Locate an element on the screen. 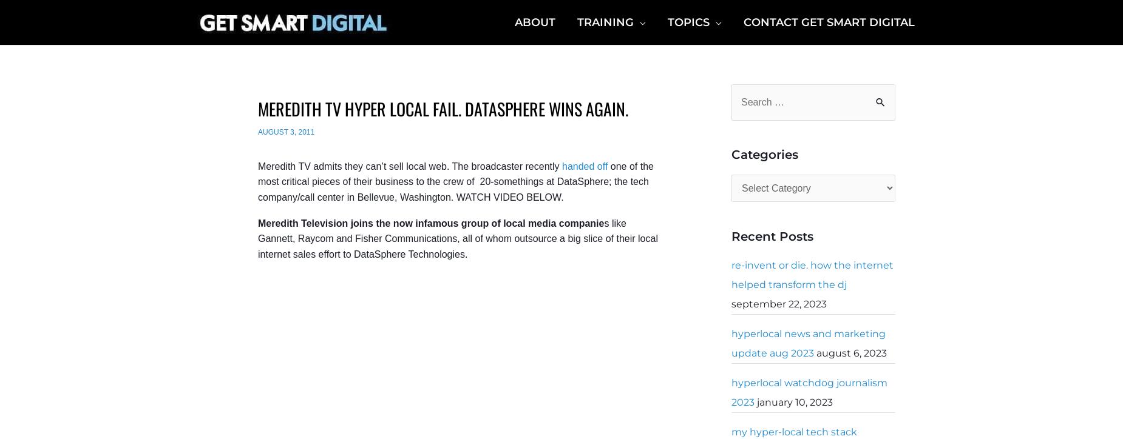 This screenshot has width=1123, height=439. 'one of the most critical pieces of their business to the crew of  20-somethings at DataSphere; the tech company/call center in Bellevue, Washington. WATCH VIDEO BELOW.' is located at coordinates (455, 181).